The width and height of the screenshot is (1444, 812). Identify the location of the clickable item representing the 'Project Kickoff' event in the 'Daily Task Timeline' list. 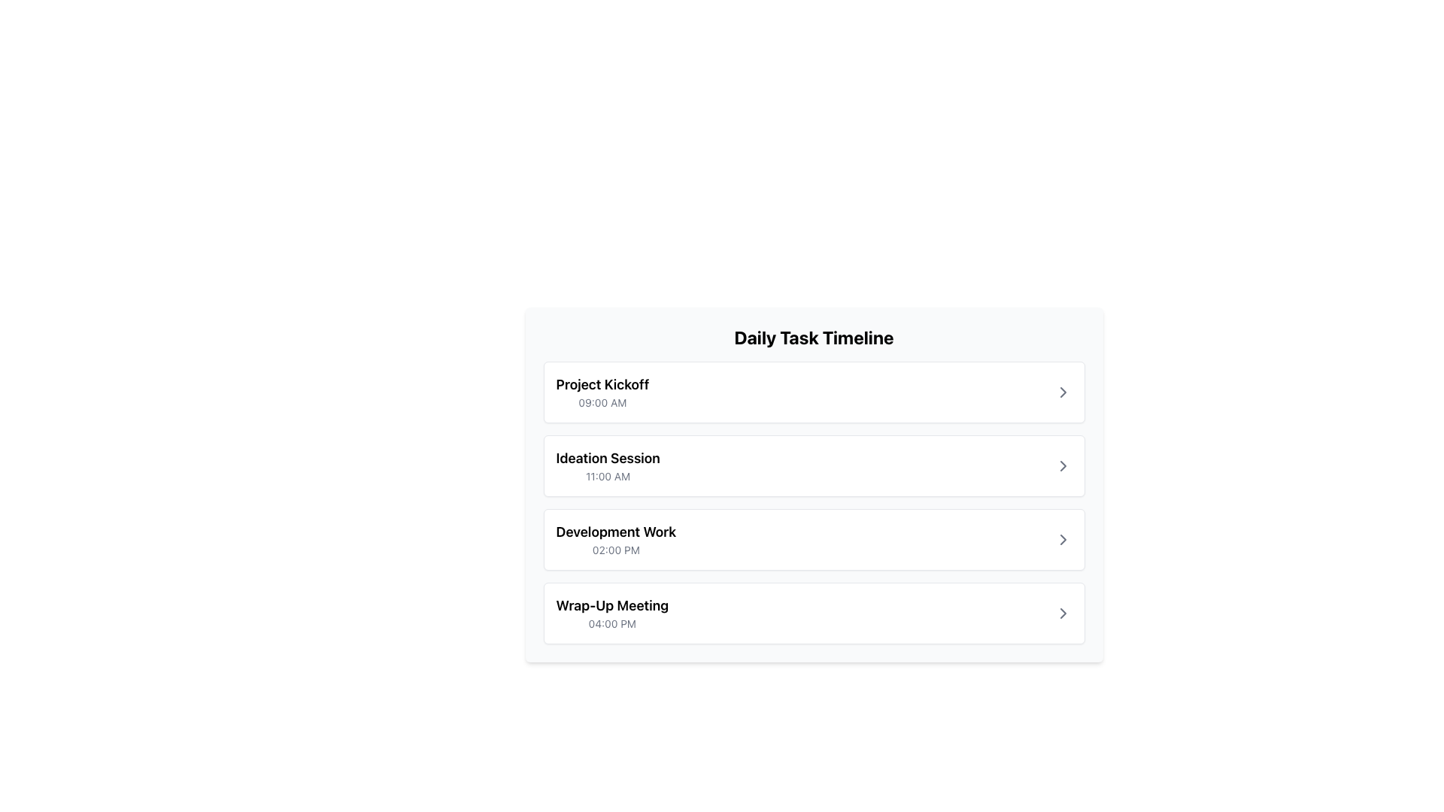
(813, 391).